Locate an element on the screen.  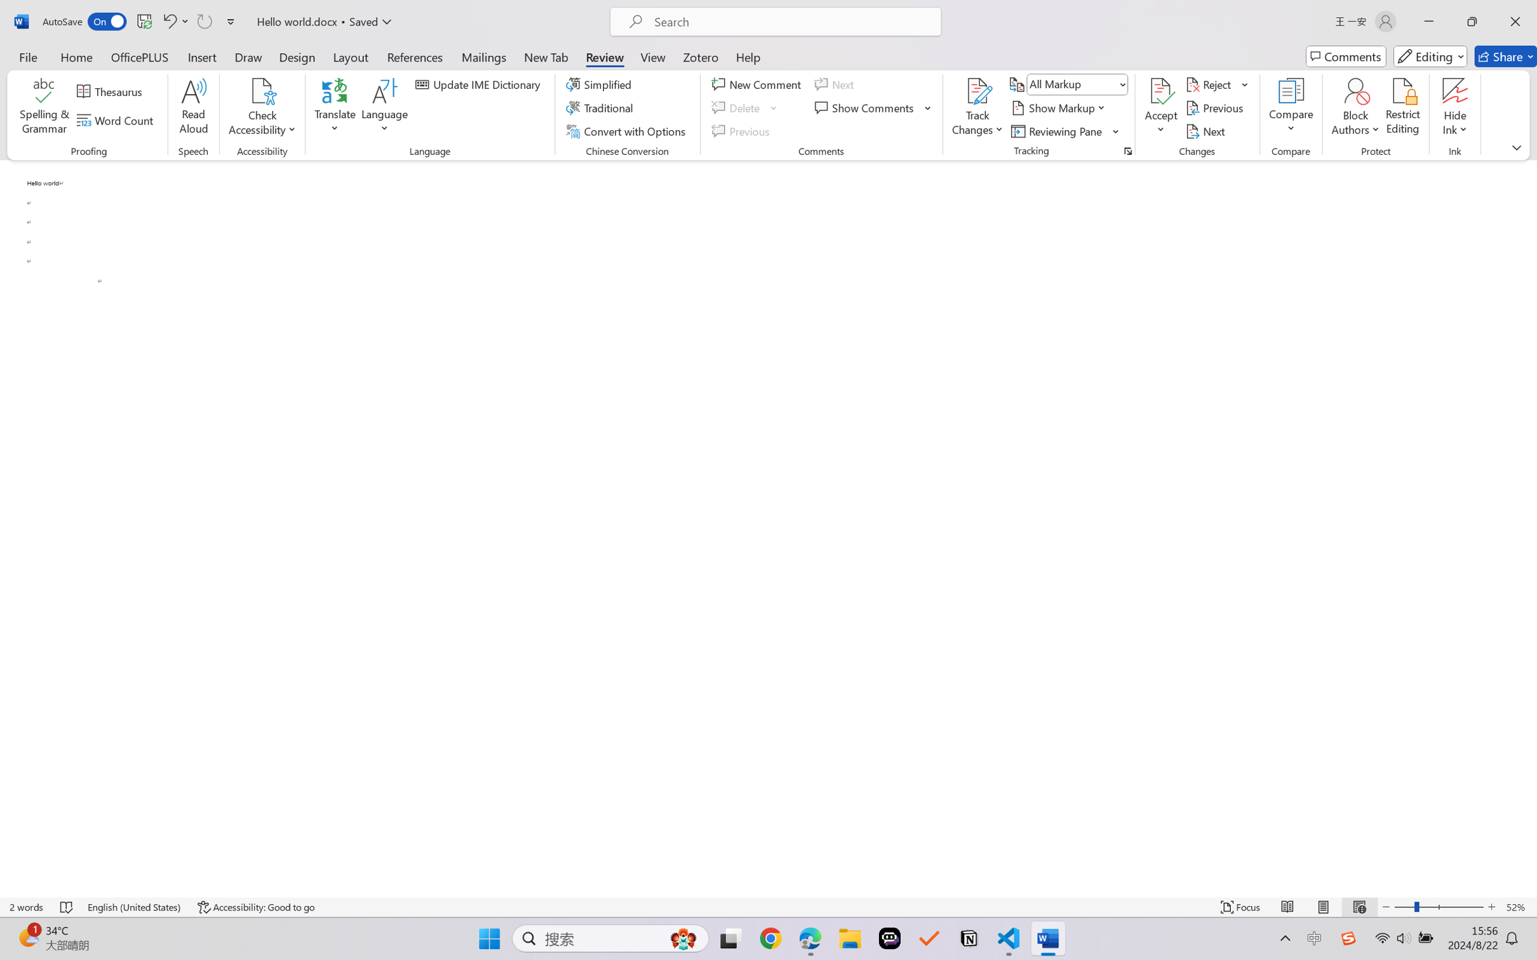
'Help' is located at coordinates (748, 56).